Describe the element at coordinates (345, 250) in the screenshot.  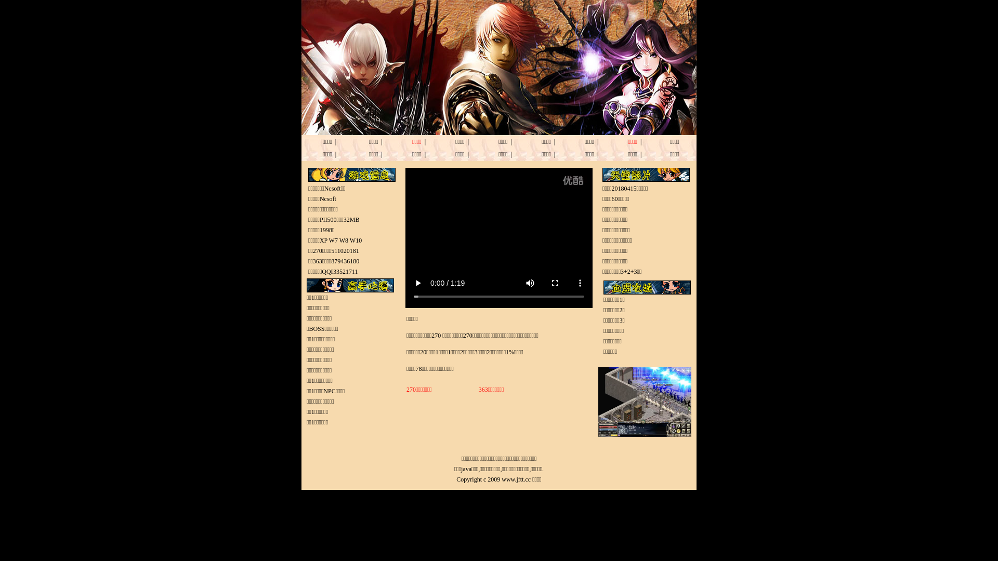
I see `'511020181'` at that location.